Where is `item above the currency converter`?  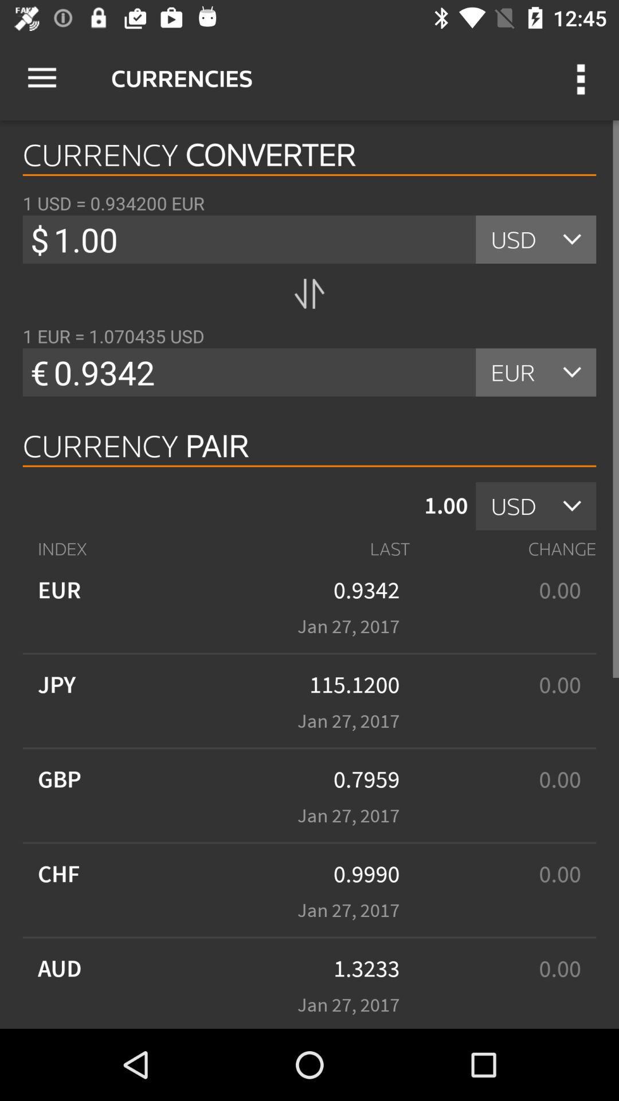 item above the currency converter is located at coordinates (583, 77).